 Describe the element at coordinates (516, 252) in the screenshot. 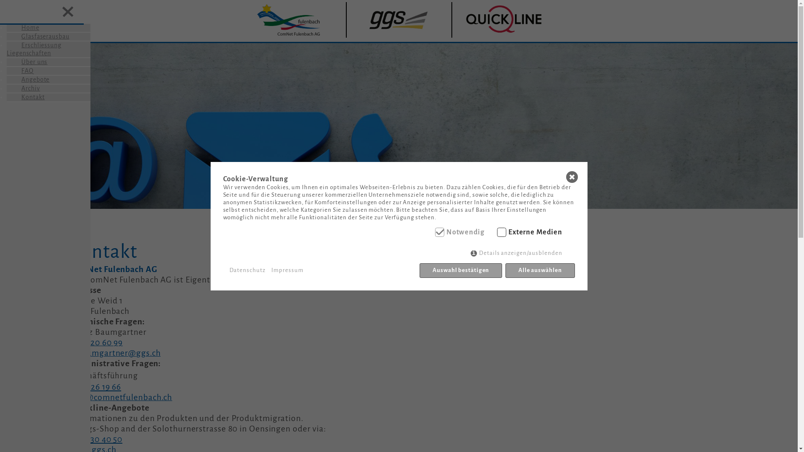

I see `'Details anzeigen/ausblenden'` at that location.